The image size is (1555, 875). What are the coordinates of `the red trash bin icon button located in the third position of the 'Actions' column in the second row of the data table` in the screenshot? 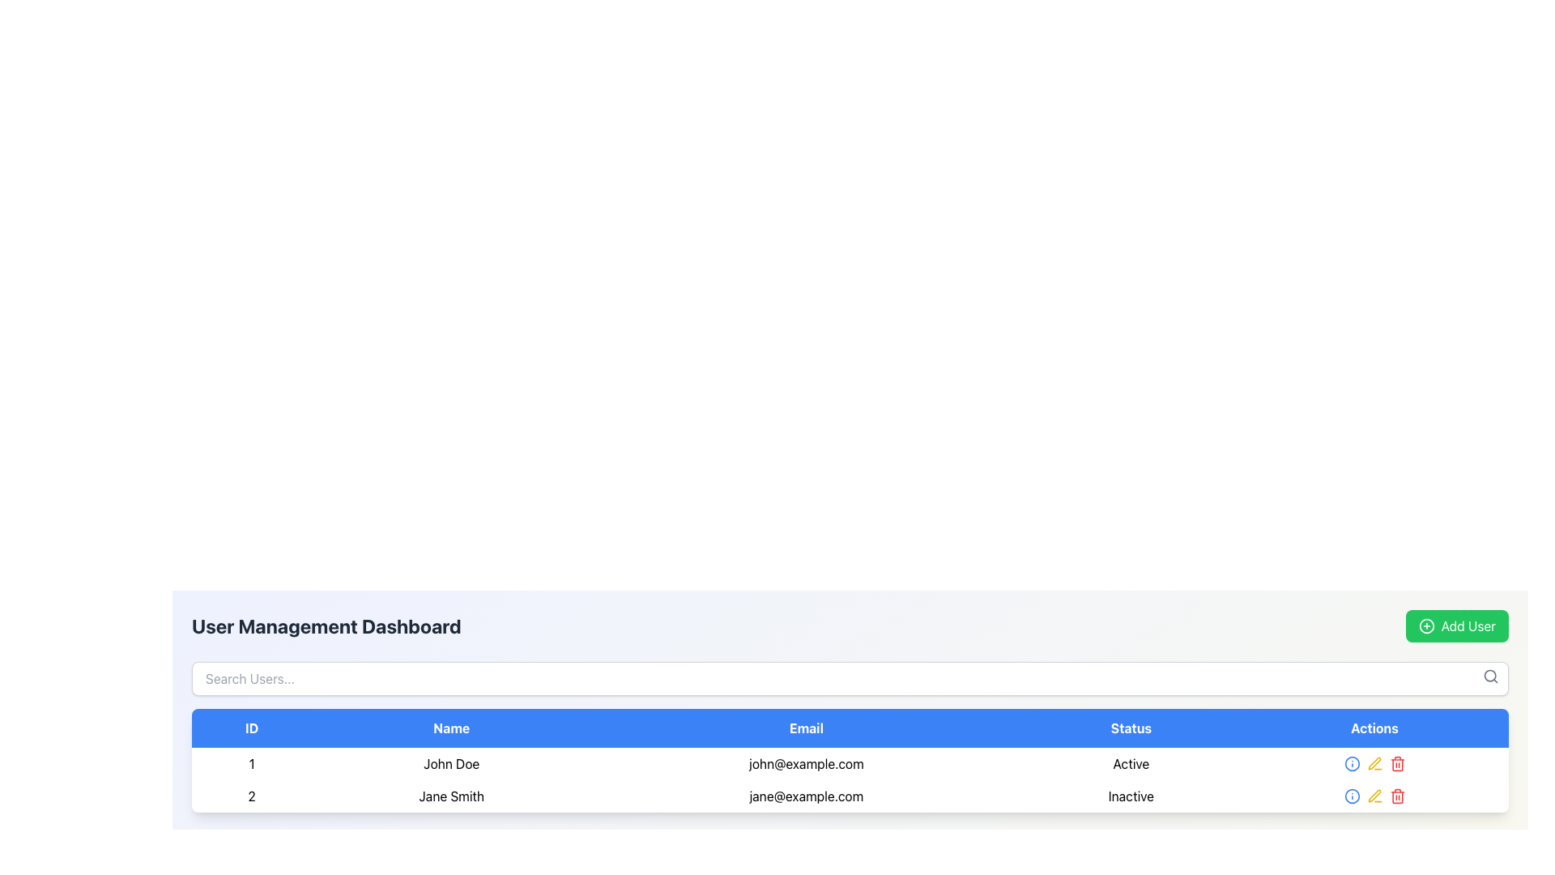 It's located at (1396, 796).